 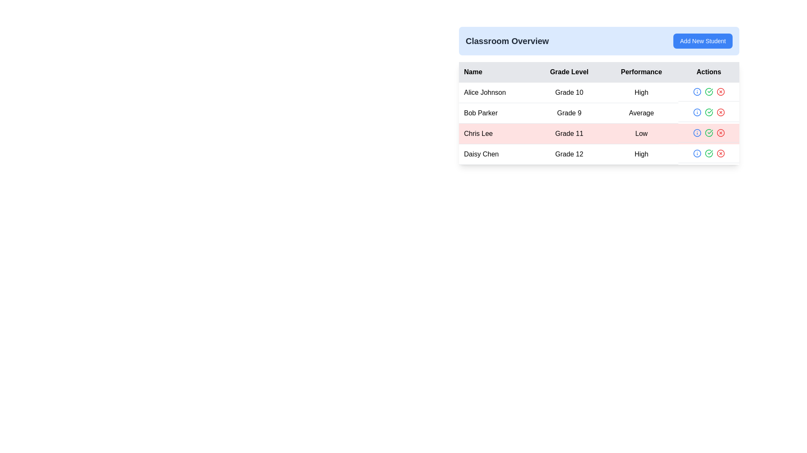 I want to click on the confirmation button, which is the second icon from the left in the actions column for the row corresponding to Bob Parker in the table, to approve or confirm the associated action, so click(x=708, y=112).